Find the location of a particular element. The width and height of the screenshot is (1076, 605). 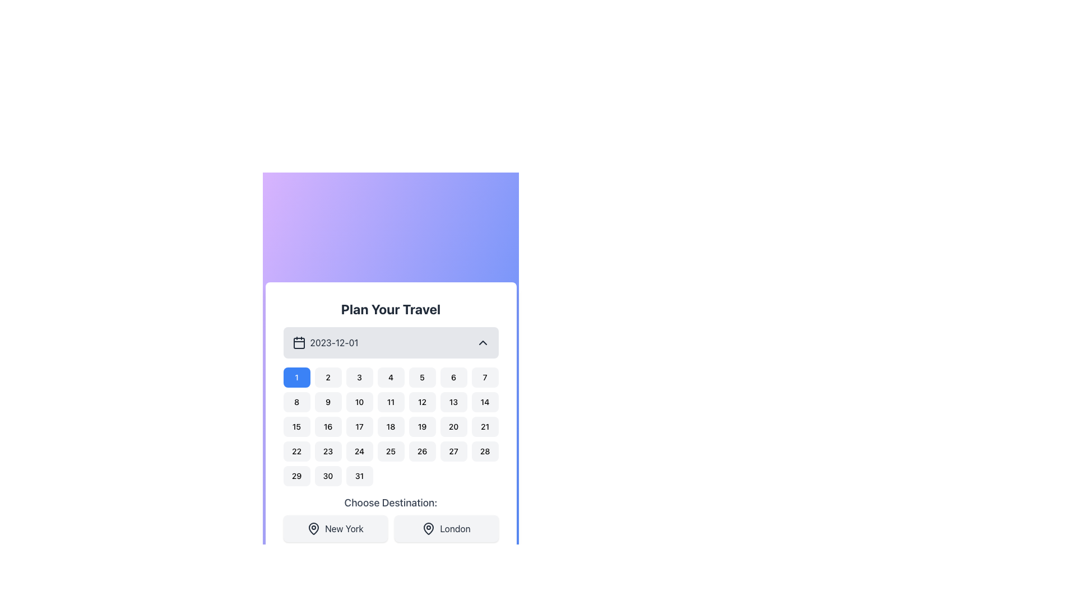

the button representing the 27th day of the month in the calendar interface to trigger the hover effect is located at coordinates (453, 451).